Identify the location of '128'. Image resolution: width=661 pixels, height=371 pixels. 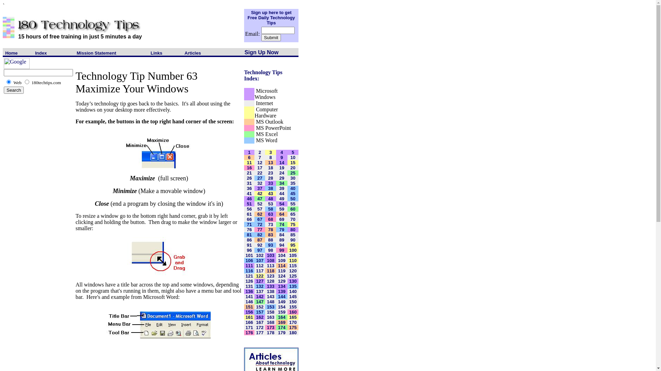
(270, 281).